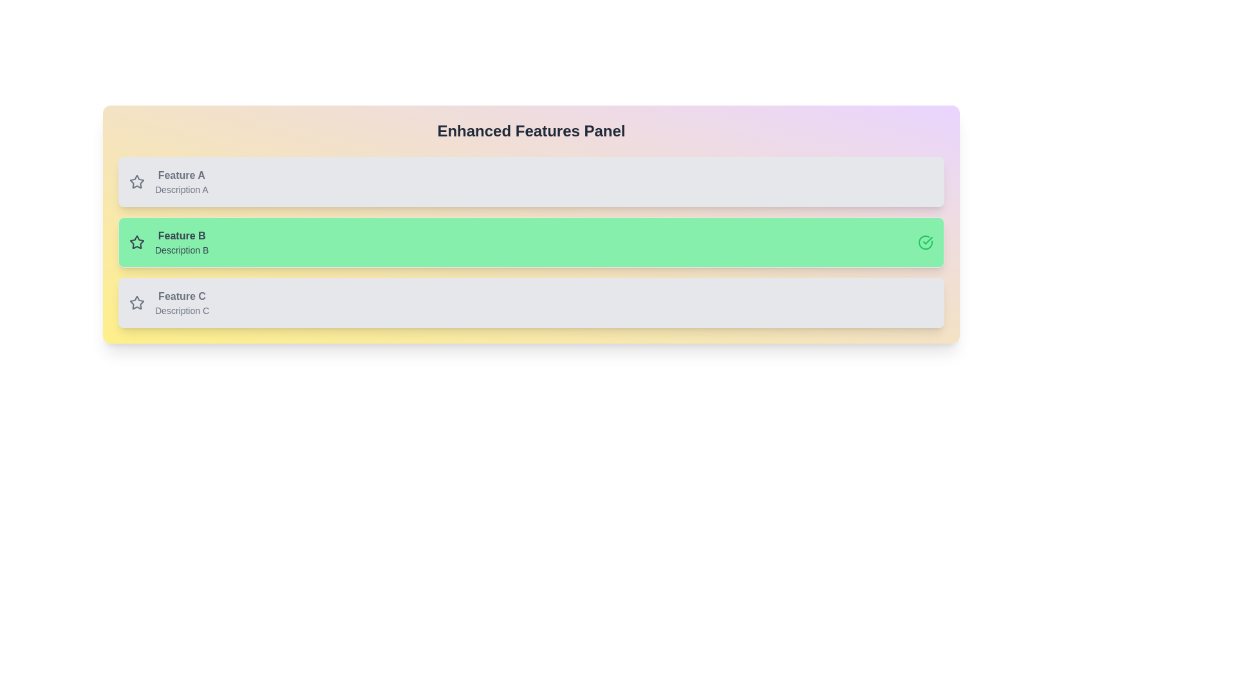 The image size is (1236, 695). Describe the element at coordinates (531, 302) in the screenshot. I see `the feature card labeled Feature C` at that location.